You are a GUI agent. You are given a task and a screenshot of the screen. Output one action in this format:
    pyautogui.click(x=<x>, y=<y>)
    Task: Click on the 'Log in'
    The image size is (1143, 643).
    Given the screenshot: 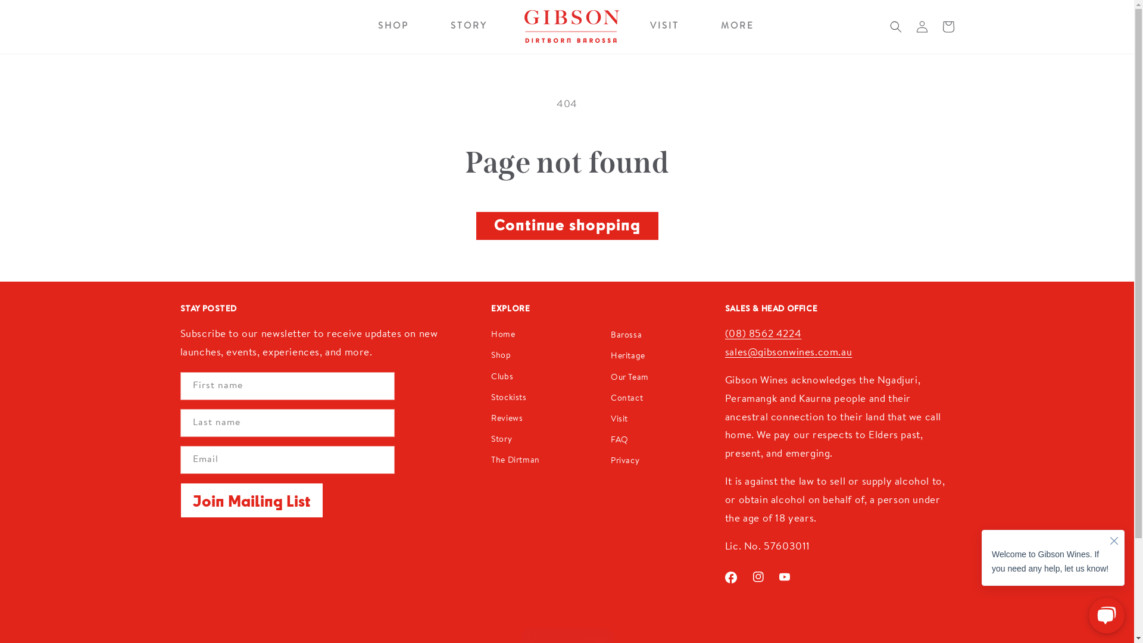 What is the action you would take?
    pyautogui.click(x=908, y=27)
    